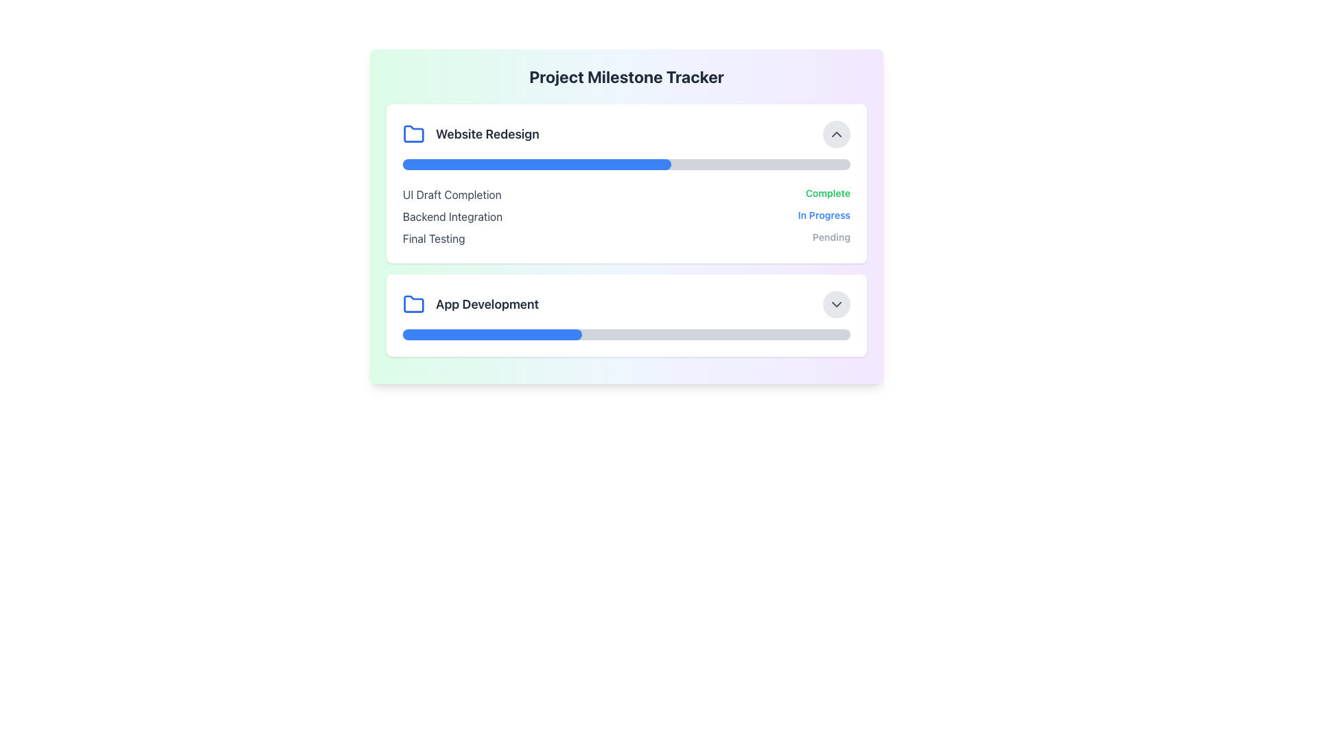 Image resolution: width=1318 pixels, height=741 pixels. Describe the element at coordinates (824, 216) in the screenshot. I see `the text label displaying 'In Progress', which is a small-sized, bold, blue font located to the right of the 'Backend Integration' task summary` at that location.